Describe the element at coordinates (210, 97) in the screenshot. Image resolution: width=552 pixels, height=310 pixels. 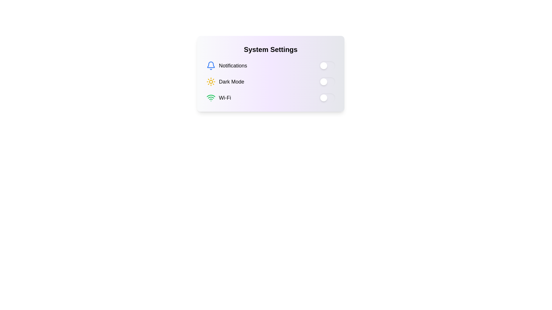
I see `the Wi-Fi settings indicator icon, which visually designates the Wi-Fi setting option in the third row of the System Settings` at that location.